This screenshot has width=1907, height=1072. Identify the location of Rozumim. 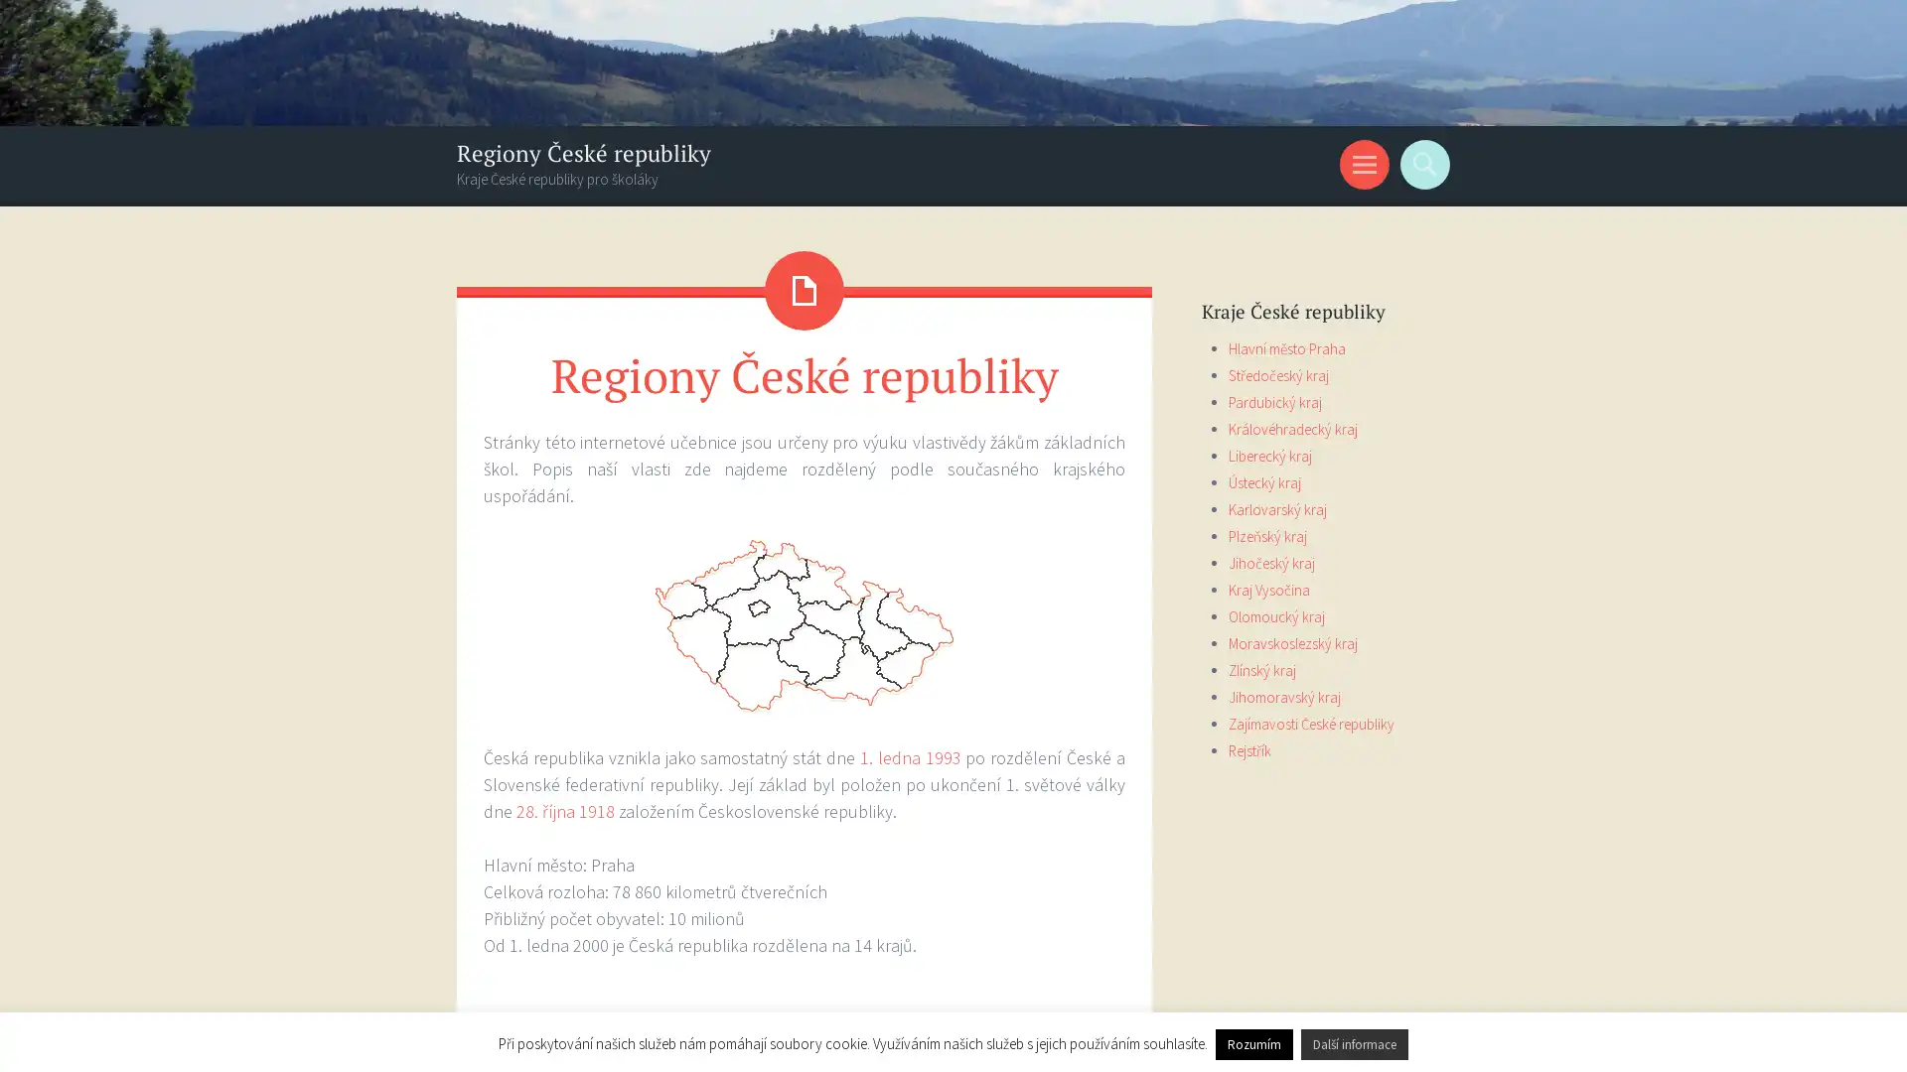
(1252, 1043).